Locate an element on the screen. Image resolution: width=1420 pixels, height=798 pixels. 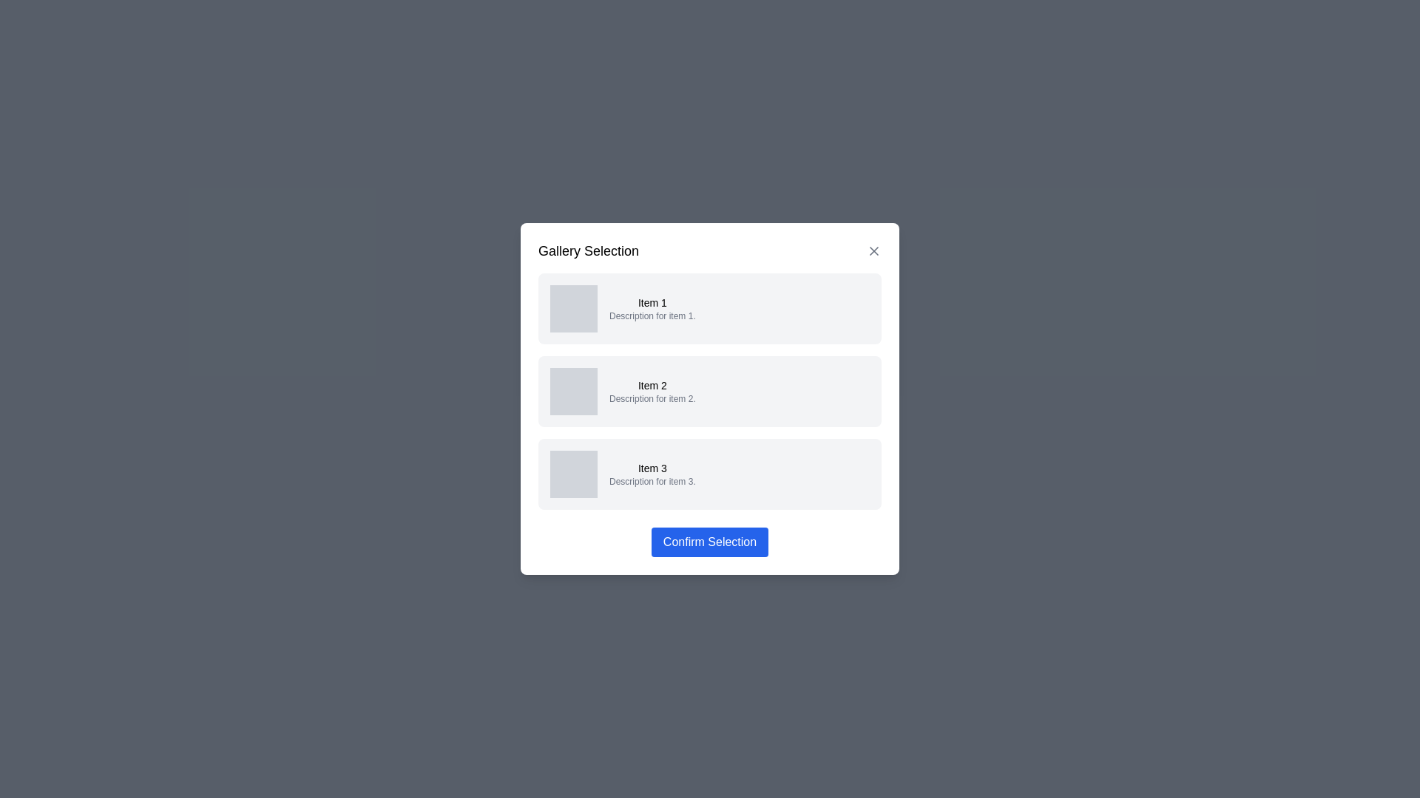
the text label that provides a brief description for 'Item 2', located directly below its title in a vertical list is located at coordinates (652, 399).